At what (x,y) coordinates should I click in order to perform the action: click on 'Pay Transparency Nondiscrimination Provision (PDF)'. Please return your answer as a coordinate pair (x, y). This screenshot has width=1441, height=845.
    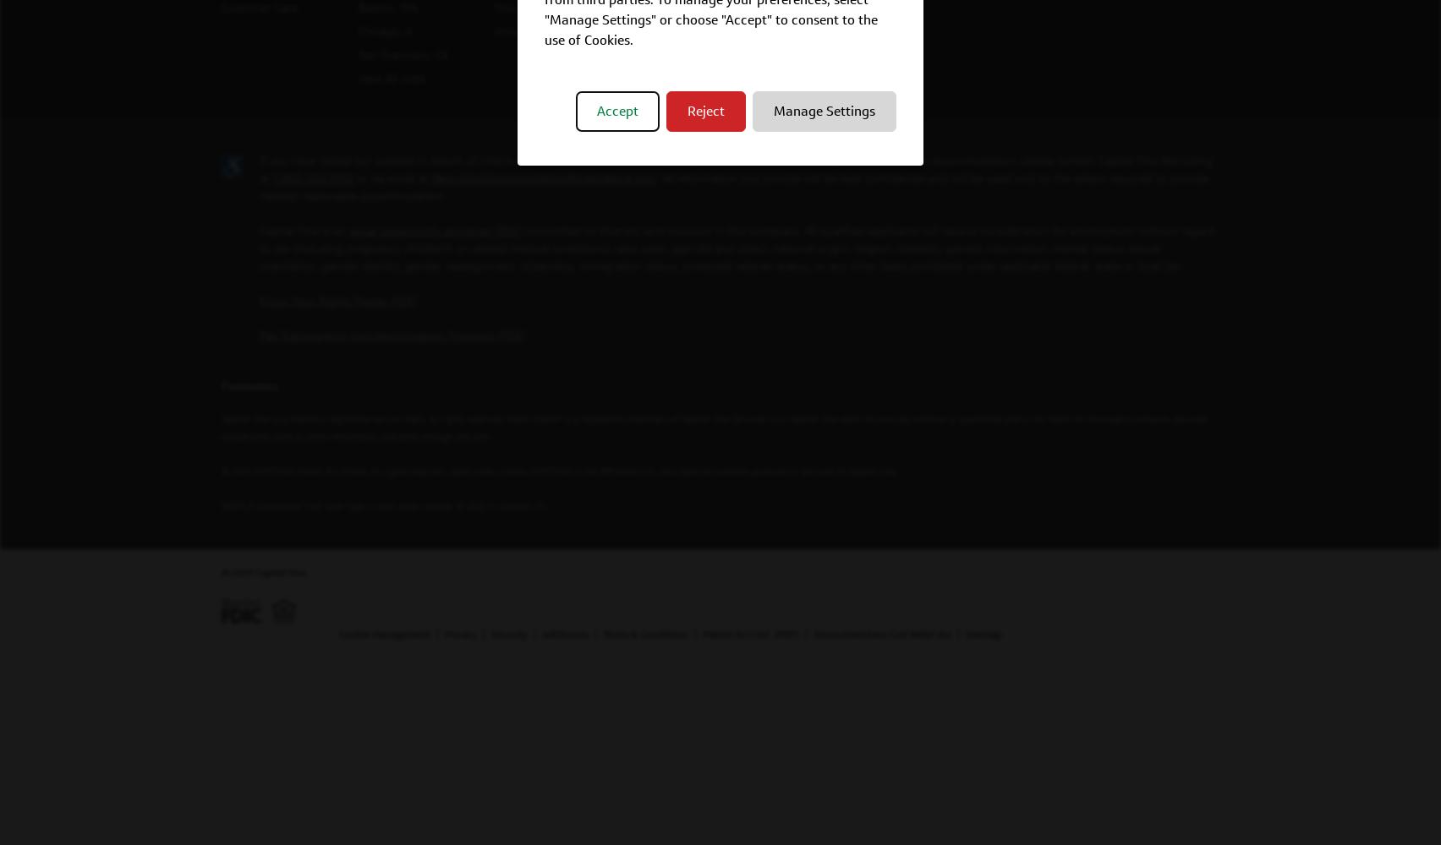
    Looking at the image, I should click on (392, 335).